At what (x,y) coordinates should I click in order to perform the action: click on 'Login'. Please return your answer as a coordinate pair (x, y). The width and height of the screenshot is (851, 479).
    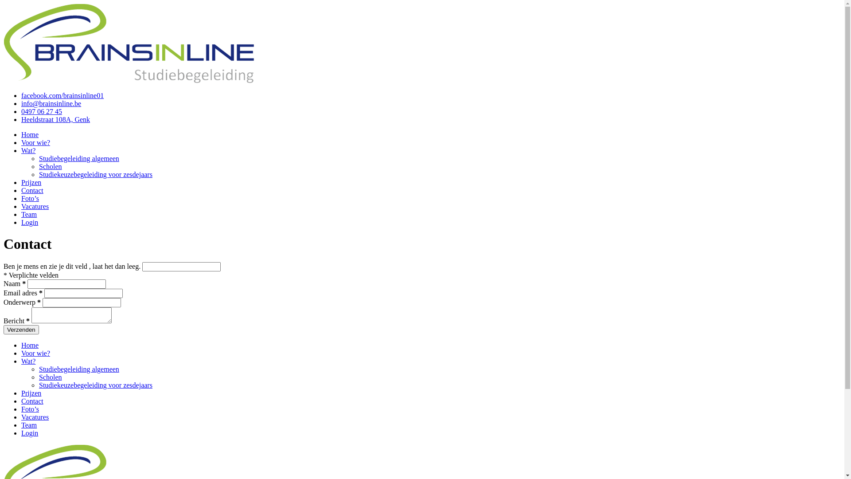
    Looking at the image, I should click on (30, 432).